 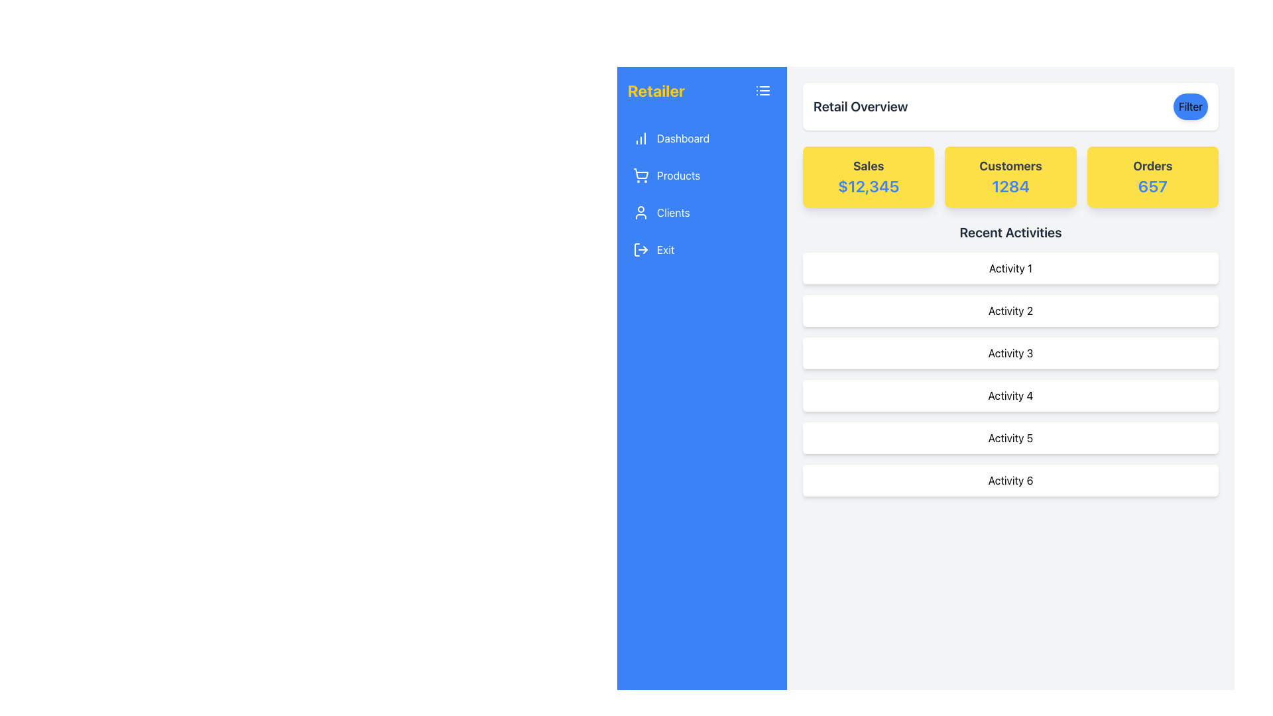 I want to click on the third item labeled 'Activity 3' in the 'Recent Activities' list, so click(x=1010, y=352).